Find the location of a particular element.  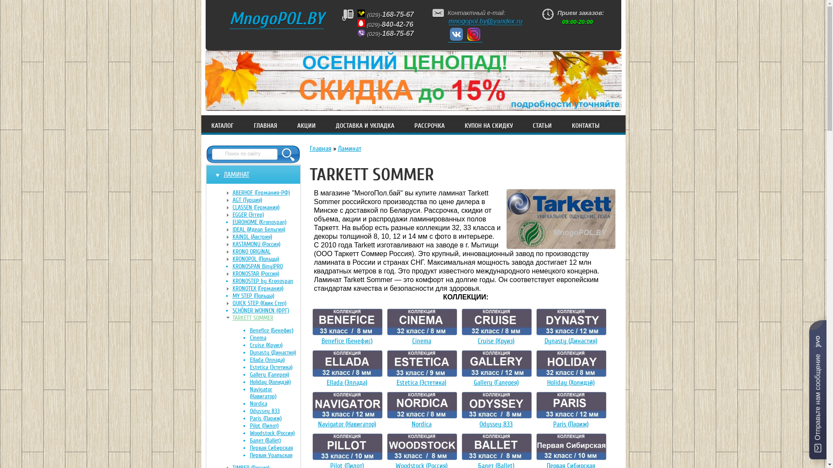

'Cinema' is located at coordinates (274, 337).